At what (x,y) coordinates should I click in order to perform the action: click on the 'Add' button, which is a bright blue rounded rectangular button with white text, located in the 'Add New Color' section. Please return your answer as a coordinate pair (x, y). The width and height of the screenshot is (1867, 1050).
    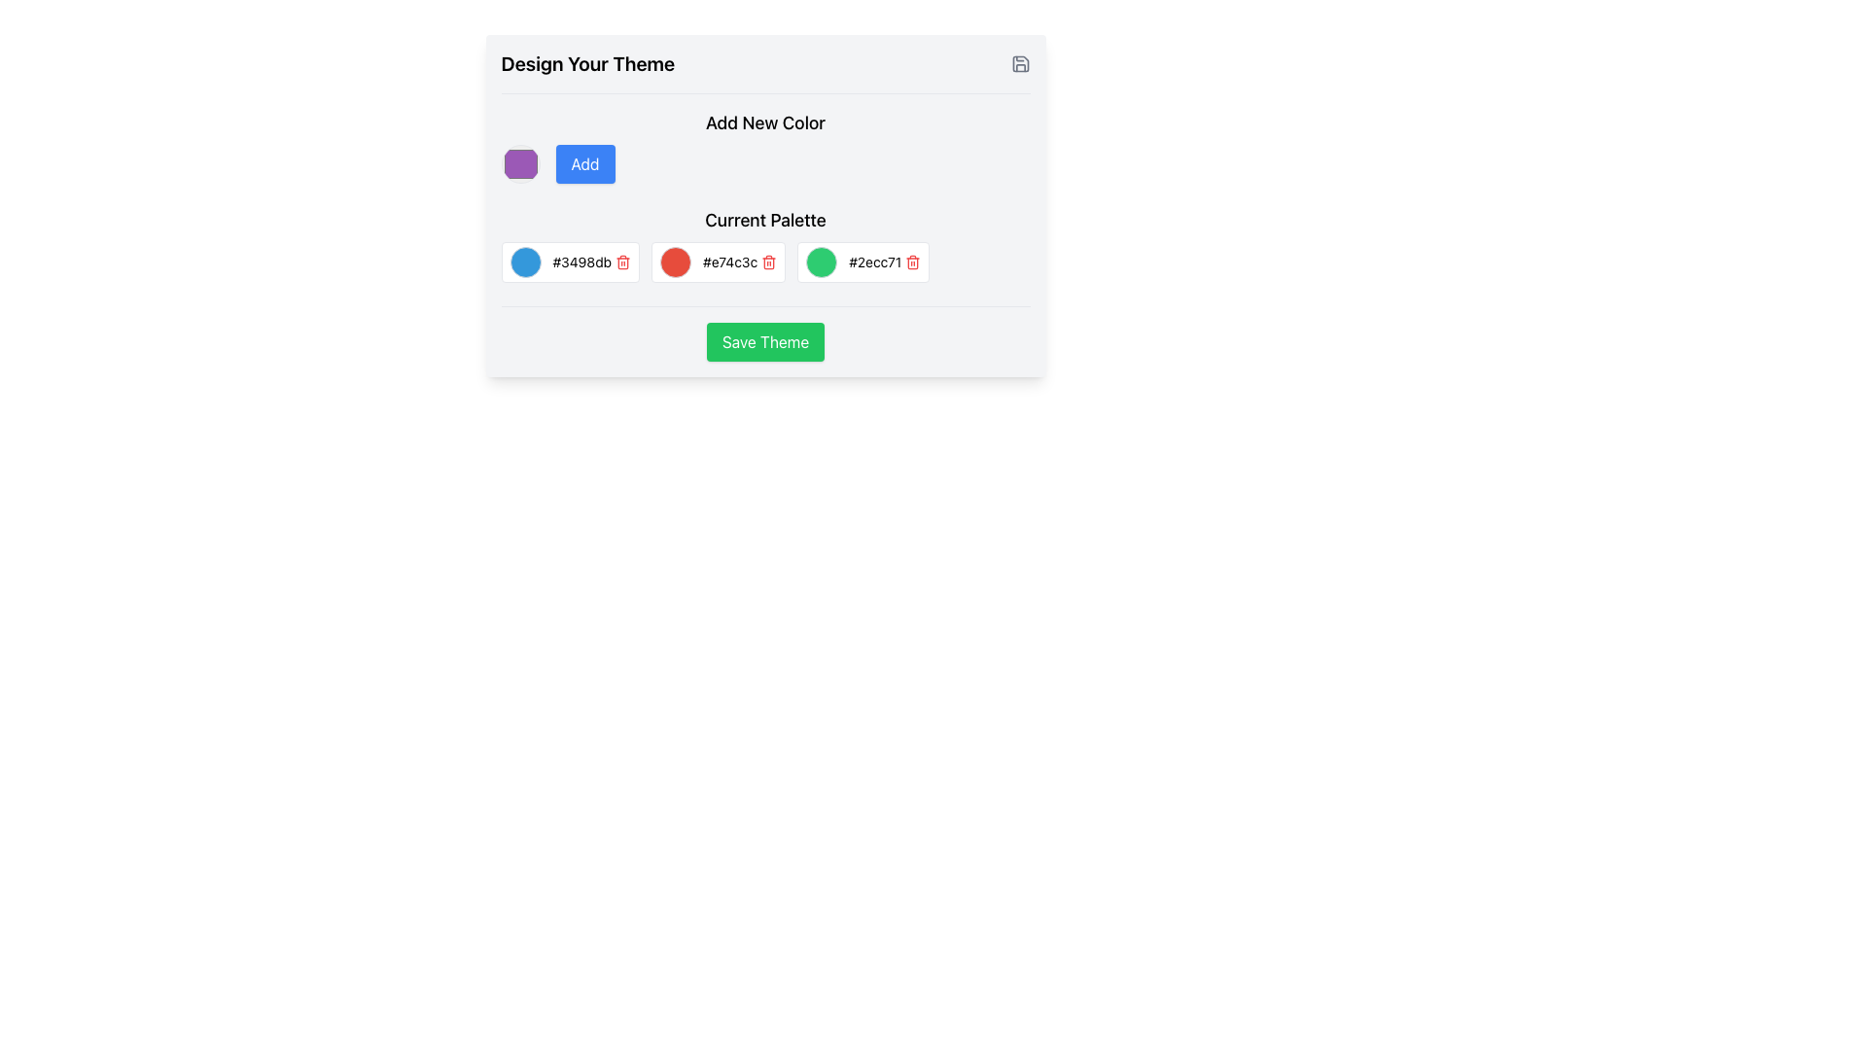
    Looking at the image, I should click on (583, 163).